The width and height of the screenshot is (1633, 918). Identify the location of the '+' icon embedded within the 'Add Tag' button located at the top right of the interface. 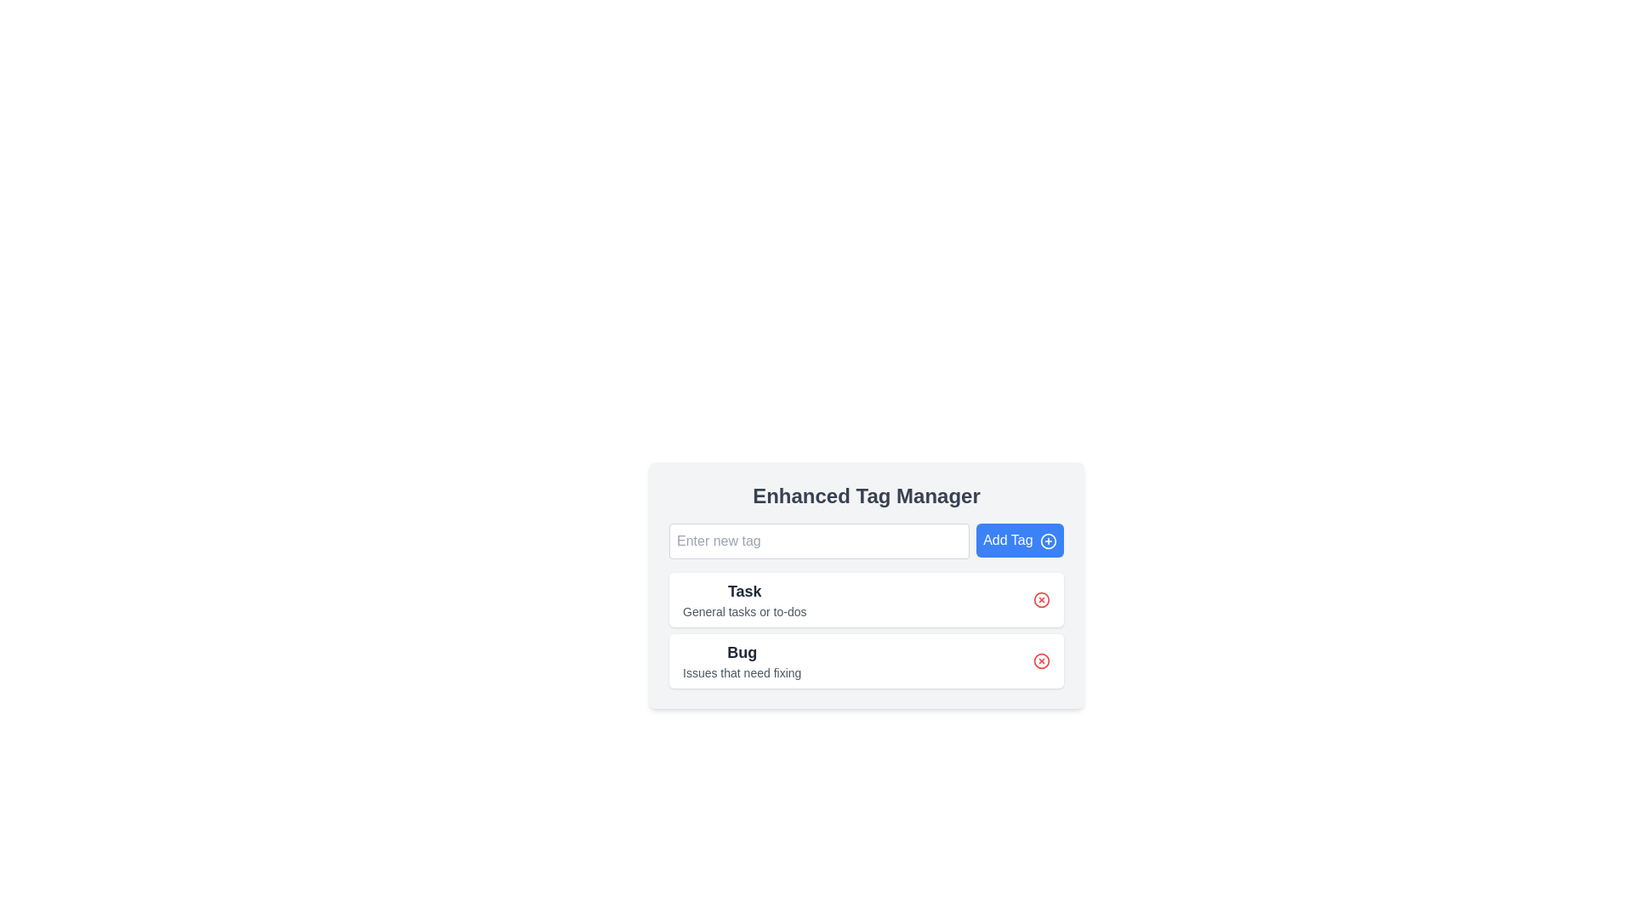
(1048, 541).